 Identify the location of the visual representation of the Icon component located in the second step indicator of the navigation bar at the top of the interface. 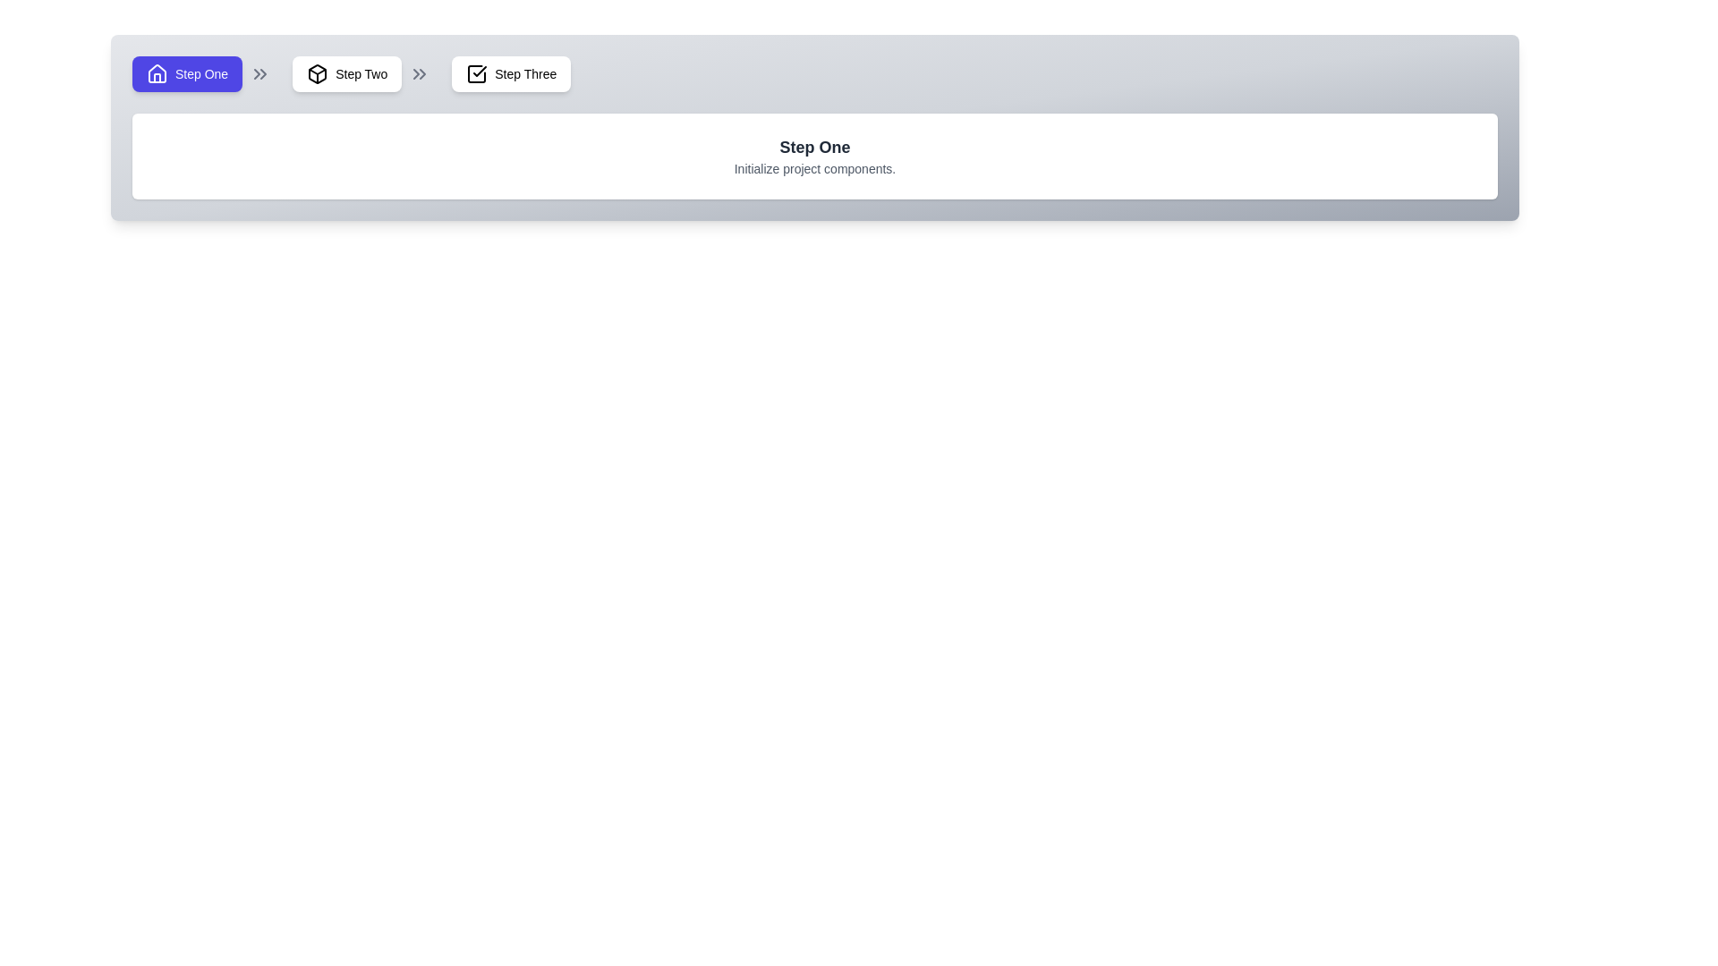
(318, 73).